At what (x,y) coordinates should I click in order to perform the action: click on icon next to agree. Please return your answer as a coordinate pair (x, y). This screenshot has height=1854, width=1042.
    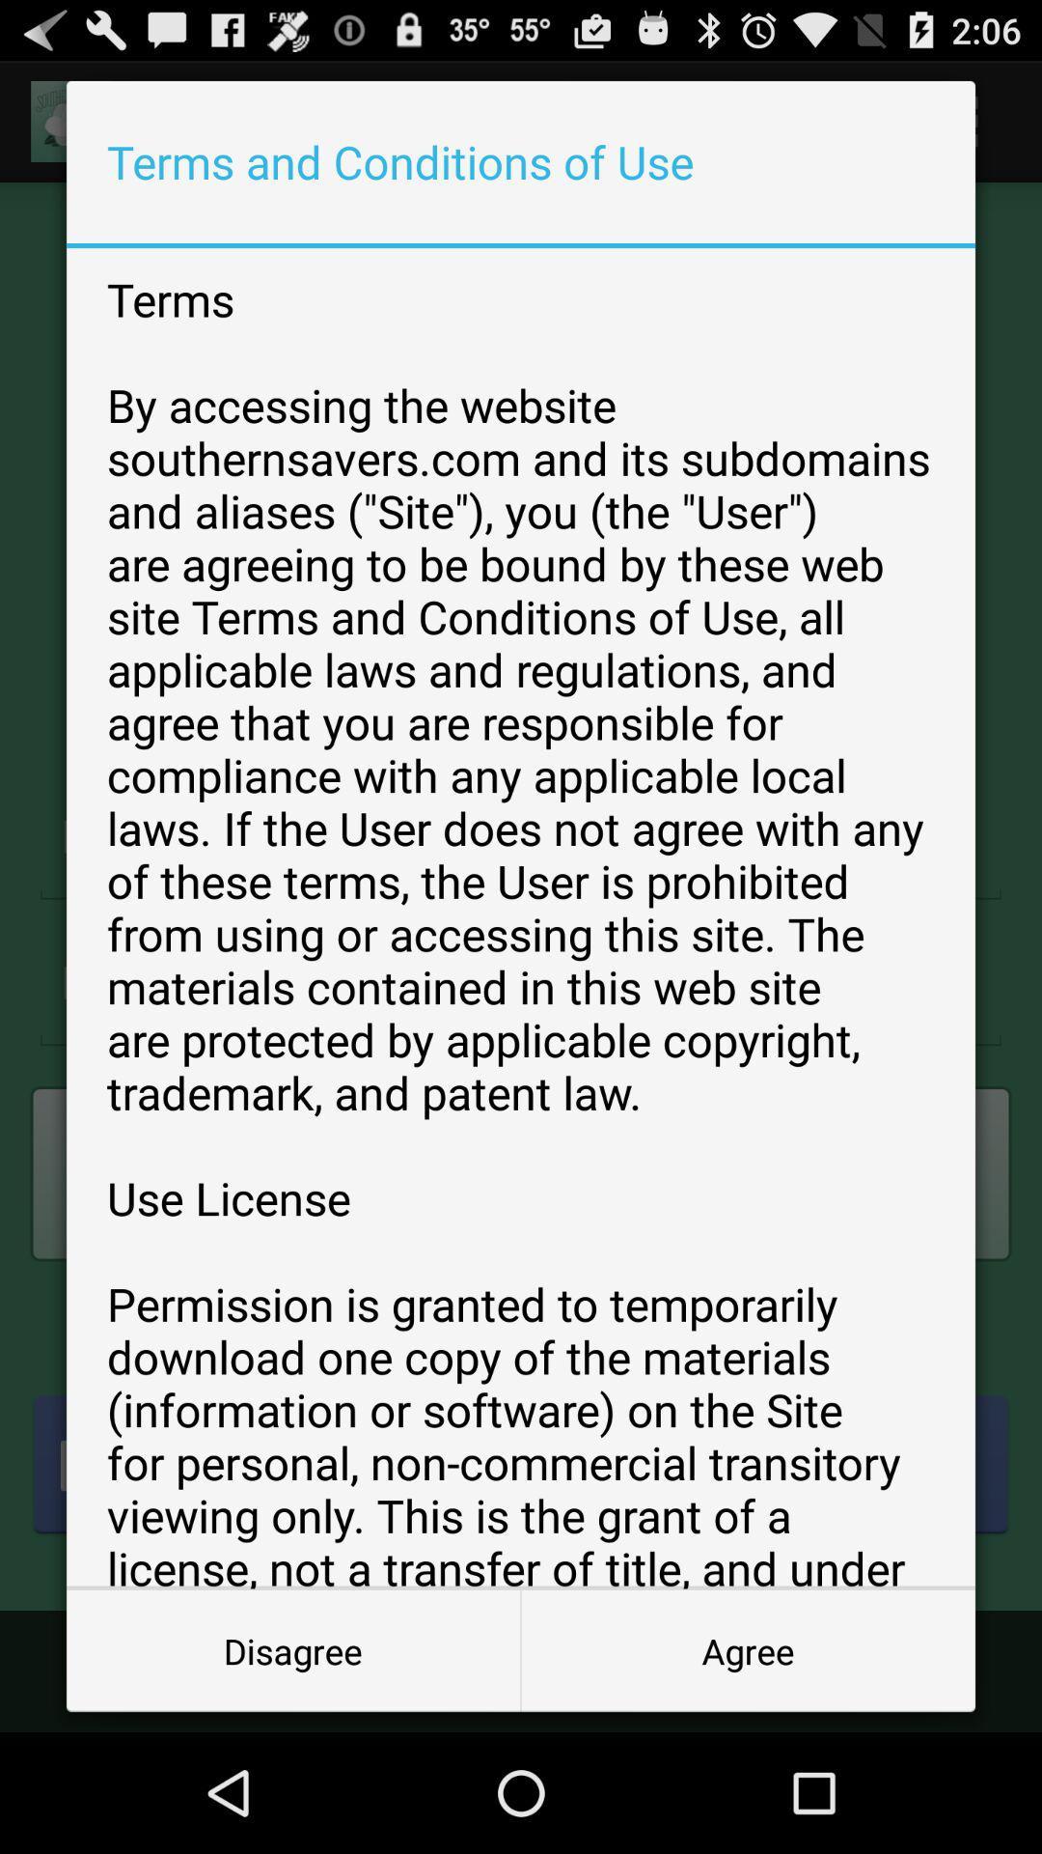
    Looking at the image, I should click on (293, 1649).